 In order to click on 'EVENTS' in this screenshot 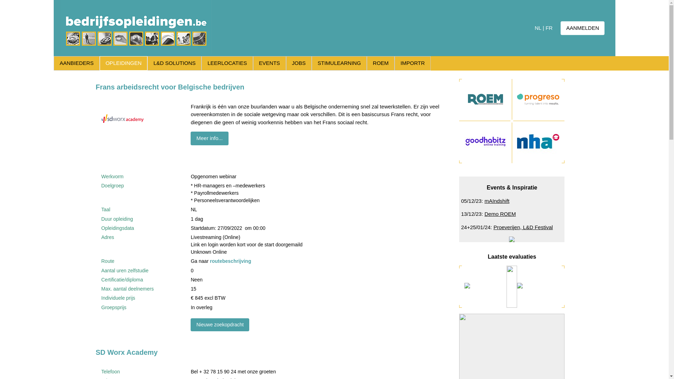, I will do `click(269, 63)`.